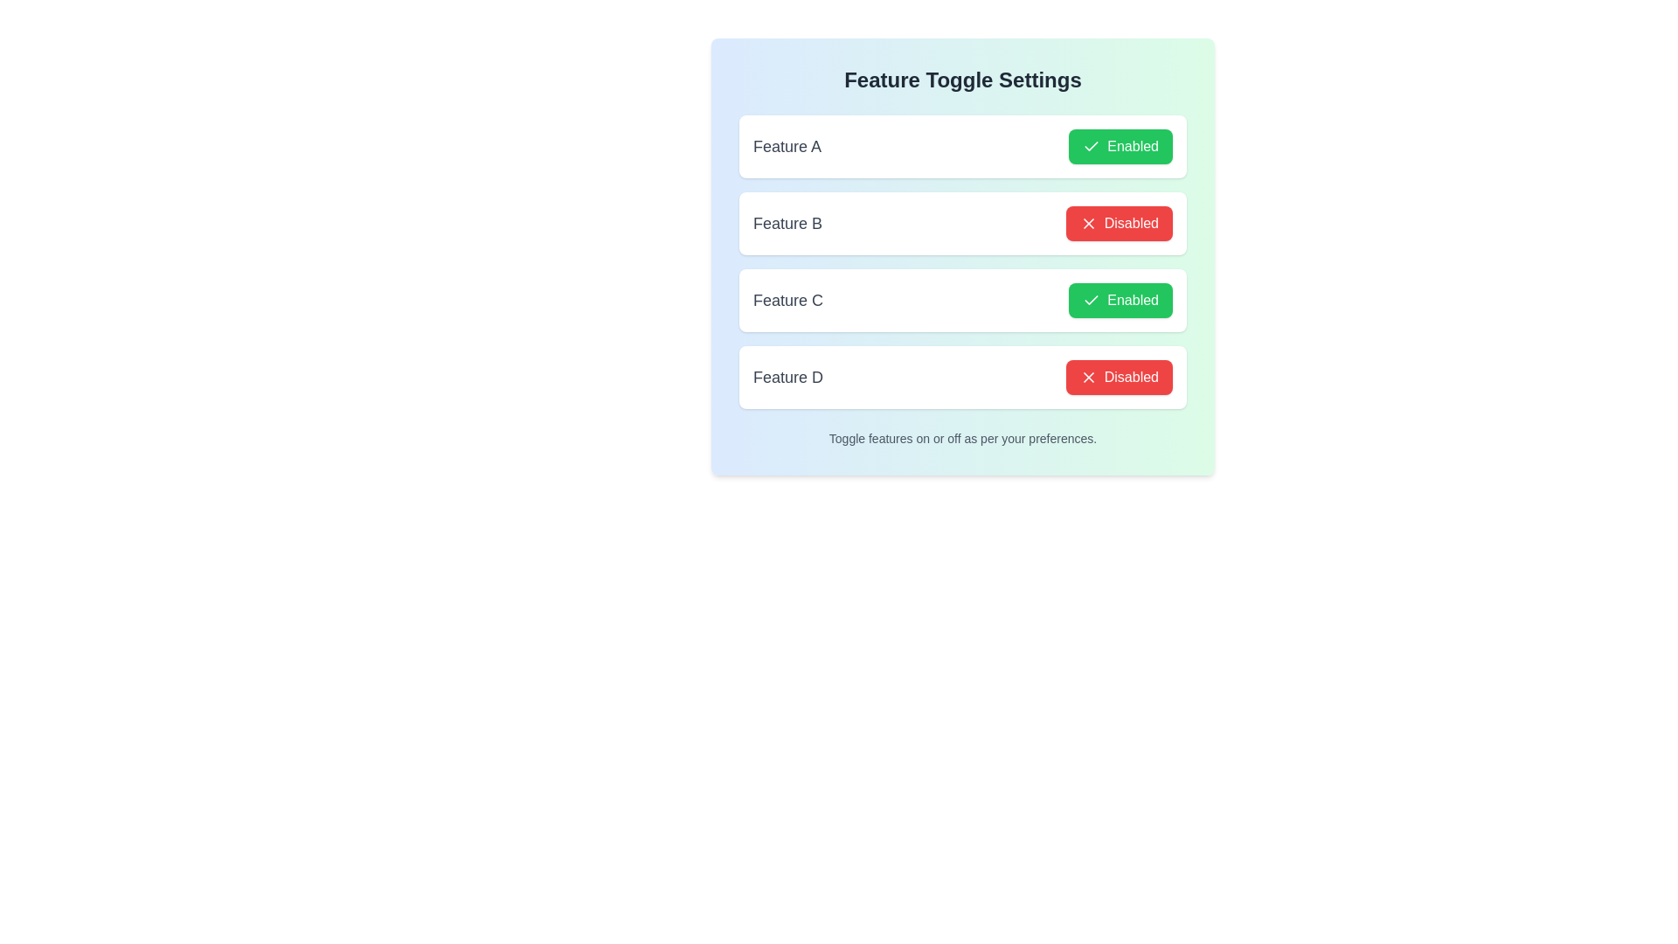  I want to click on the activation status button for 'Feature A', so click(1120, 146).